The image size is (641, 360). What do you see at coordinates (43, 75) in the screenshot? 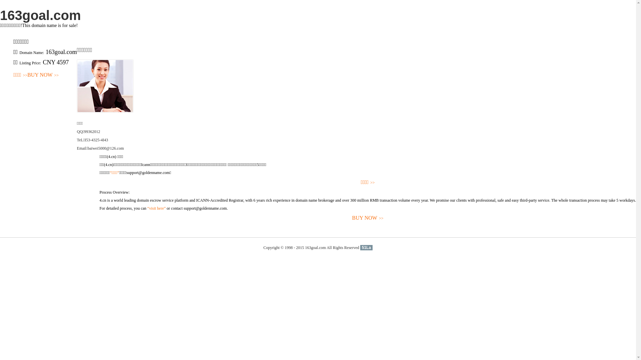
I see `'BUY NOW>>'` at bounding box center [43, 75].